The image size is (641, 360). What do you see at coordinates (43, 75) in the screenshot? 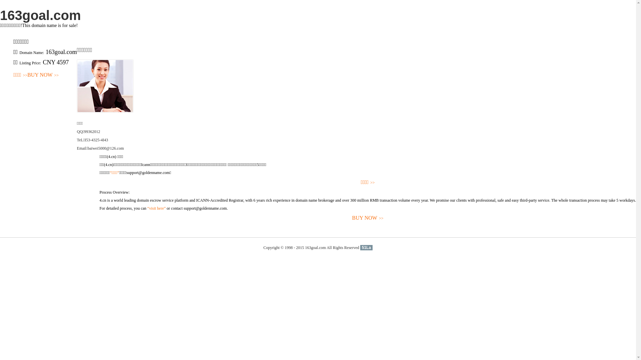
I see `'BUY NOW>>'` at bounding box center [43, 75].